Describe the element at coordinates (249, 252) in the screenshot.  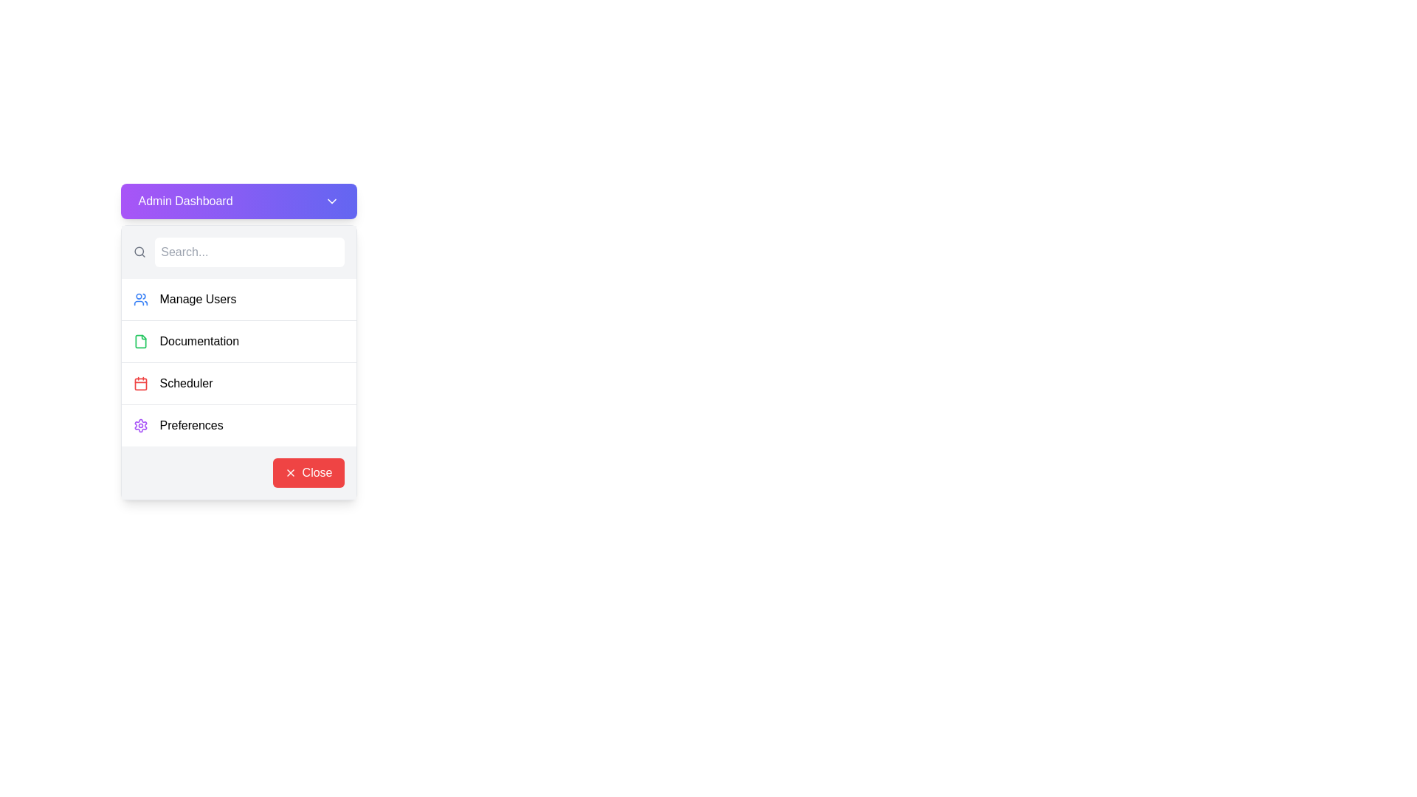
I see `the text input field with placeholder 'Search...' located in the dropdown interface below 'Admin Dashboard' by using the tab key` at that location.